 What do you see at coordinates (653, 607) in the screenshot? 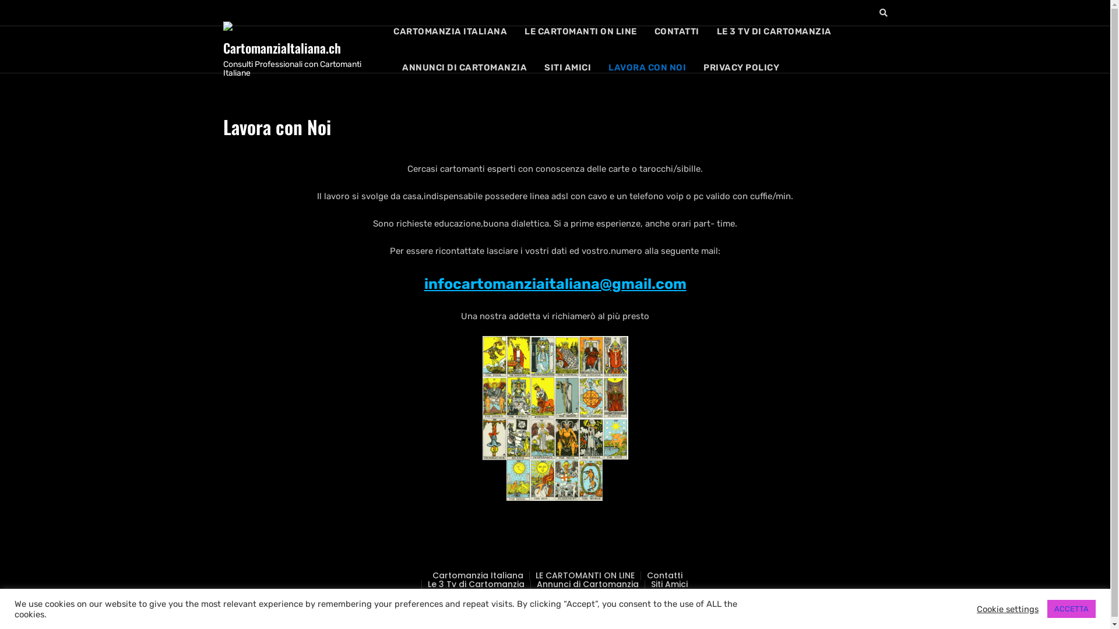
I see `'Bosa Themes'` at bounding box center [653, 607].